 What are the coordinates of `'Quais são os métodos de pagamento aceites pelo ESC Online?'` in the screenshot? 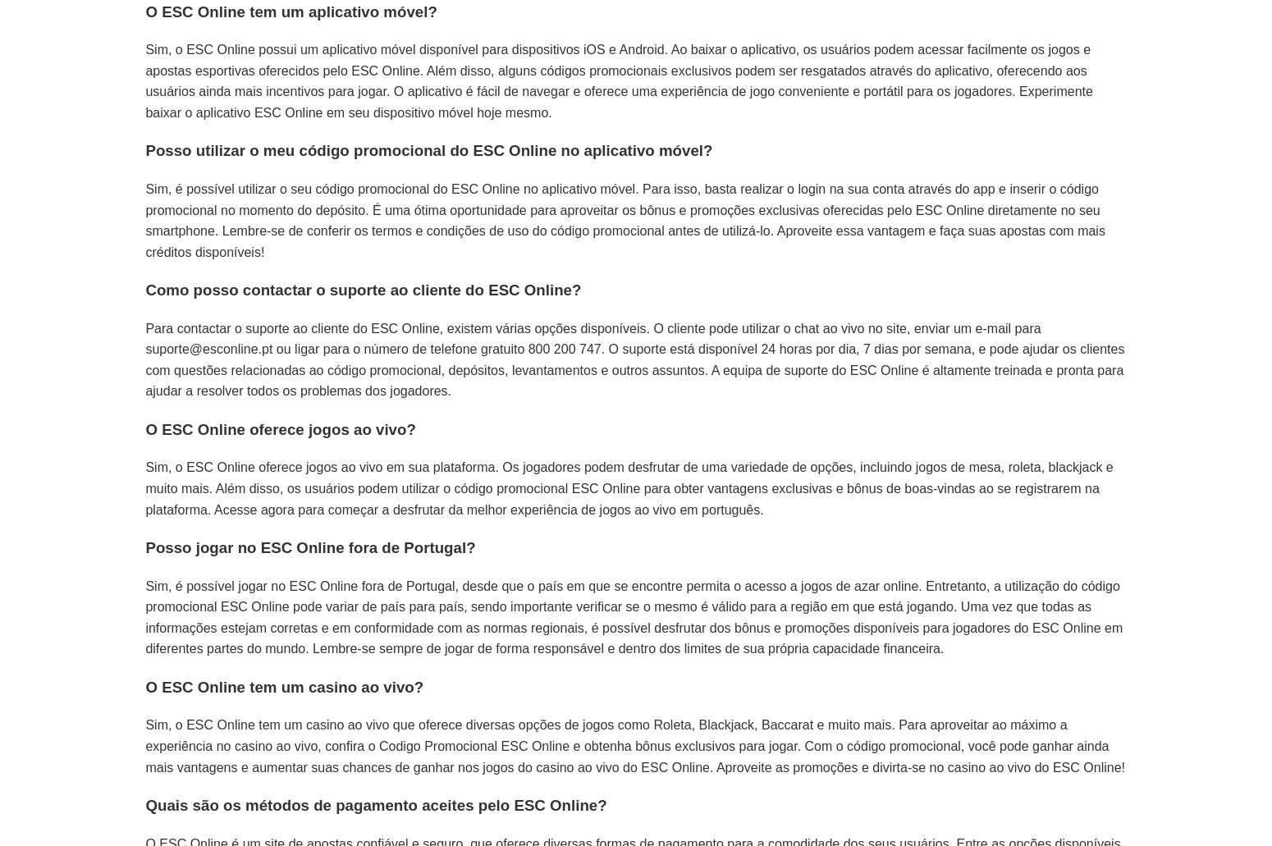 It's located at (376, 803).